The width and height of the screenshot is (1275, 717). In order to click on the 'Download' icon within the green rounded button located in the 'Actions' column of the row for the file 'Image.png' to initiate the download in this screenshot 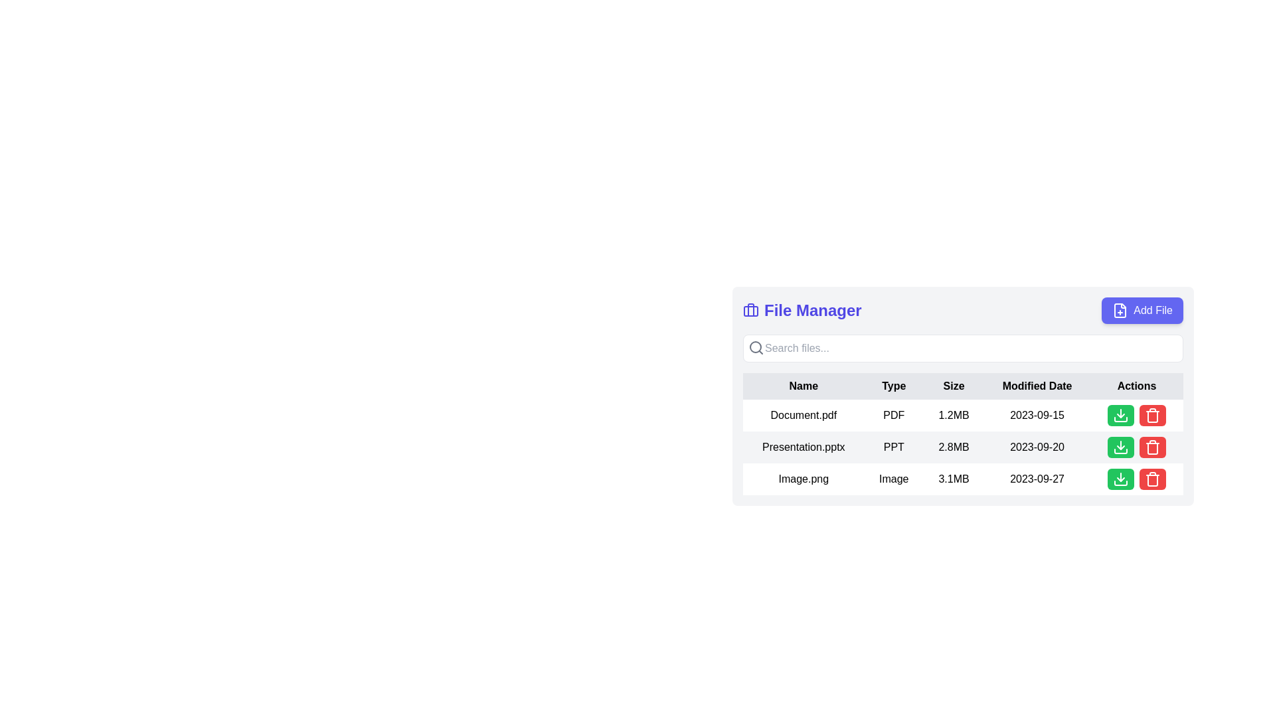, I will do `click(1120, 479)`.